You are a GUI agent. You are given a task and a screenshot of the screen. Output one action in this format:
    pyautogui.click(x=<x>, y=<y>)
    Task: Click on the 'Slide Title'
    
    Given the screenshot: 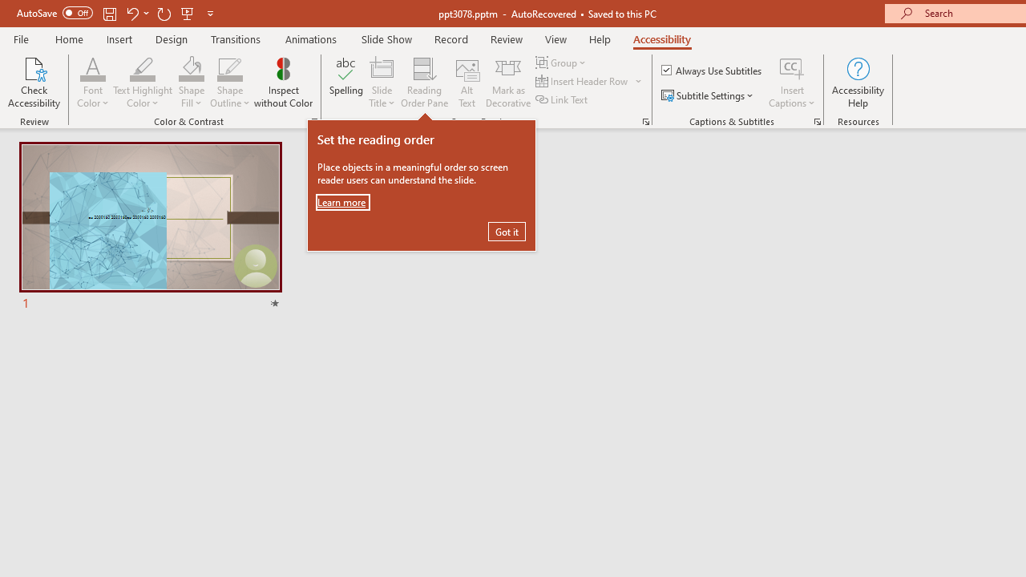 What is the action you would take?
    pyautogui.click(x=381, y=67)
    